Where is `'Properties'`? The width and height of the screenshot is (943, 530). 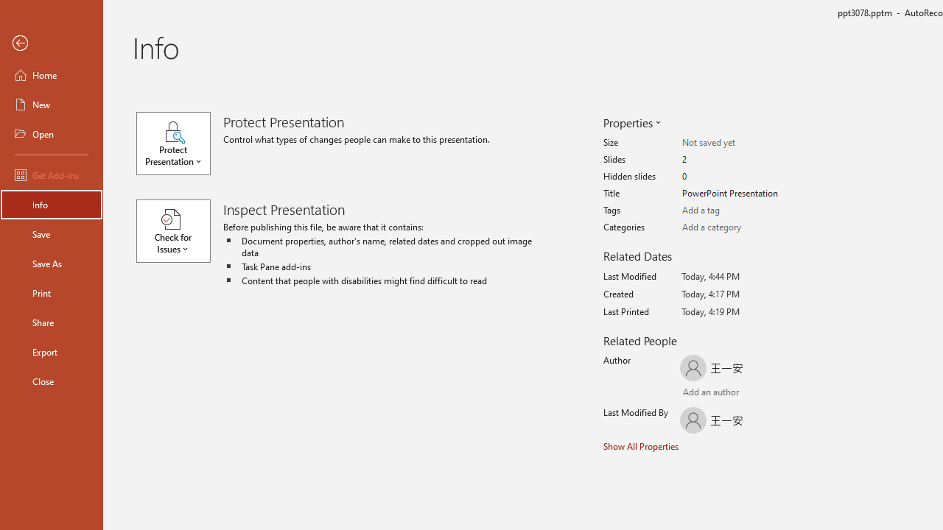 'Properties' is located at coordinates (631, 122).